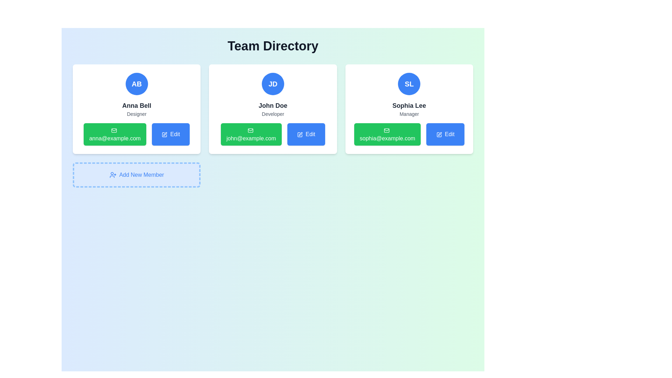 This screenshot has height=378, width=672. Describe the element at coordinates (272, 134) in the screenshot. I see `the green button displaying 'john@example.com' in the 'Team Directory' section` at that location.